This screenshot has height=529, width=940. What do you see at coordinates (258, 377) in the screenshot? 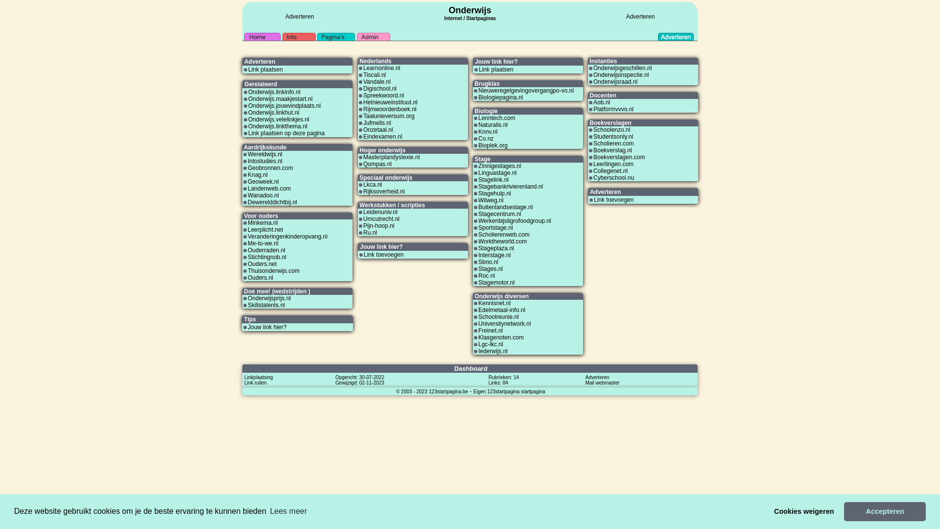
I see `'Linkplaatsing'` at bounding box center [258, 377].